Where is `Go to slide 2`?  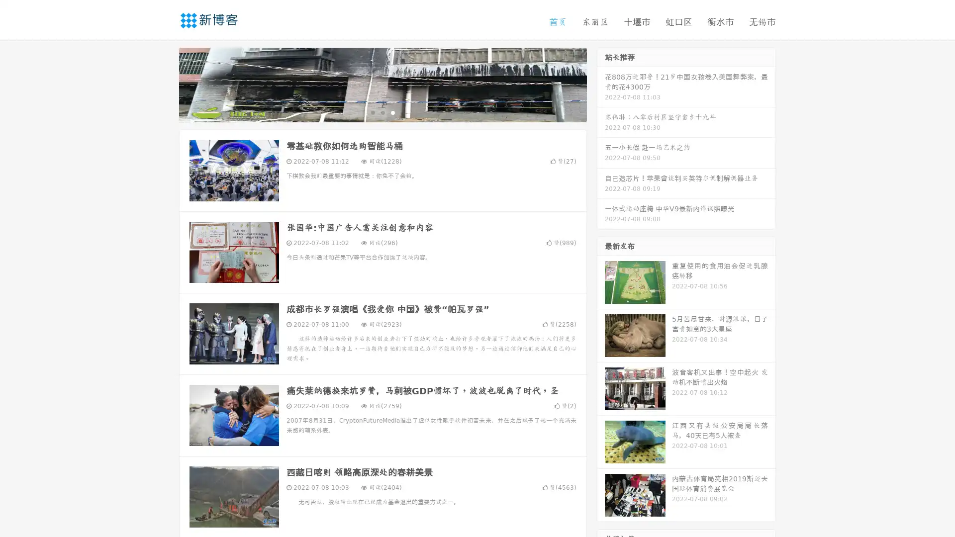 Go to slide 2 is located at coordinates (382, 112).